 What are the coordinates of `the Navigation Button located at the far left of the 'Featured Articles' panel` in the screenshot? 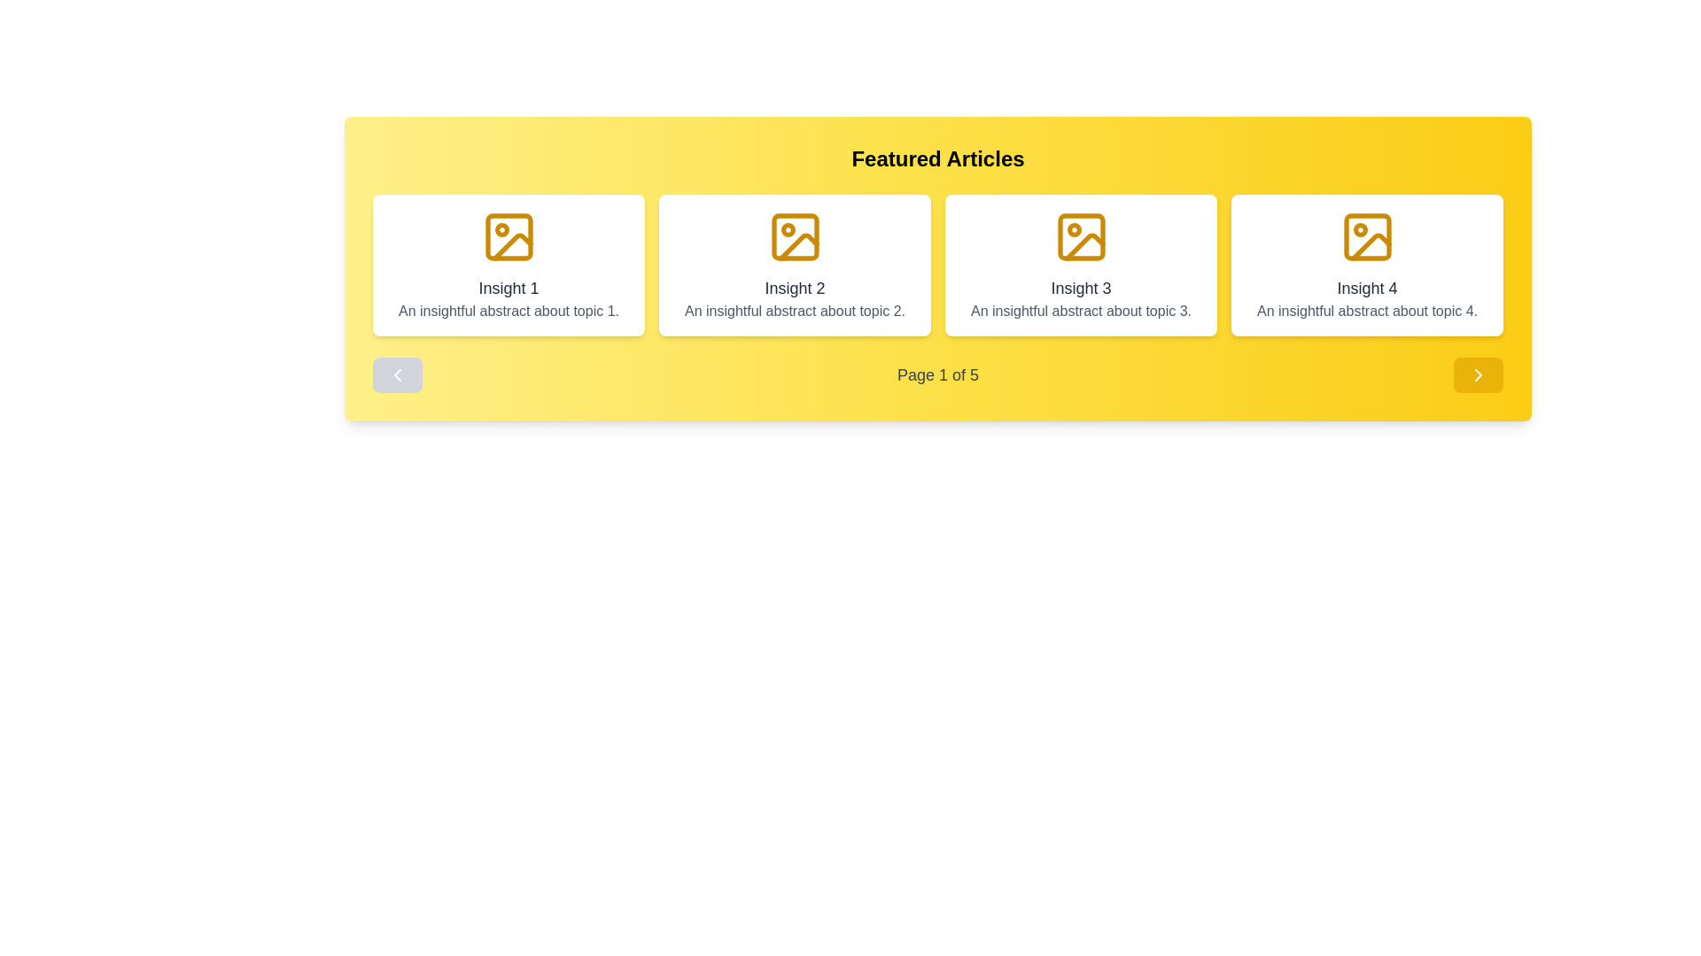 It's located at (397, 374).